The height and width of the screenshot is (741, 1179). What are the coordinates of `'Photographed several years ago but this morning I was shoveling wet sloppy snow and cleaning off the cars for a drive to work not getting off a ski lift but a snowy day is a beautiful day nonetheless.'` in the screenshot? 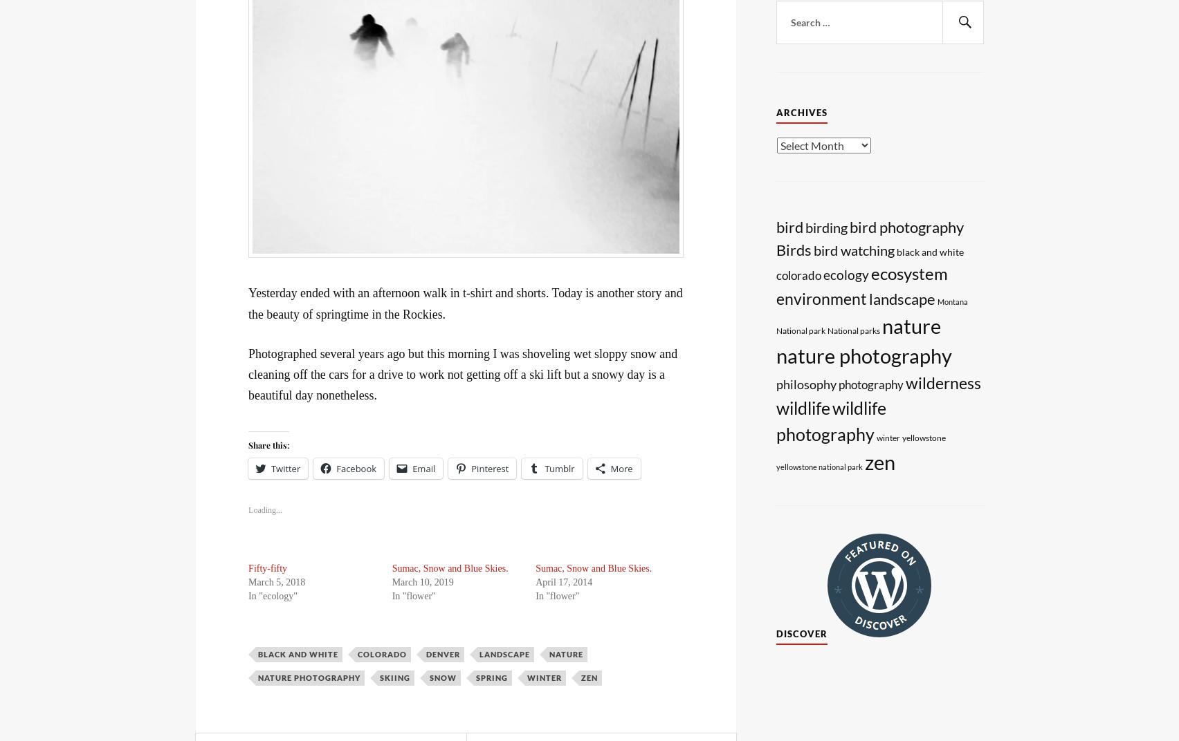 It's located at (461, 373).